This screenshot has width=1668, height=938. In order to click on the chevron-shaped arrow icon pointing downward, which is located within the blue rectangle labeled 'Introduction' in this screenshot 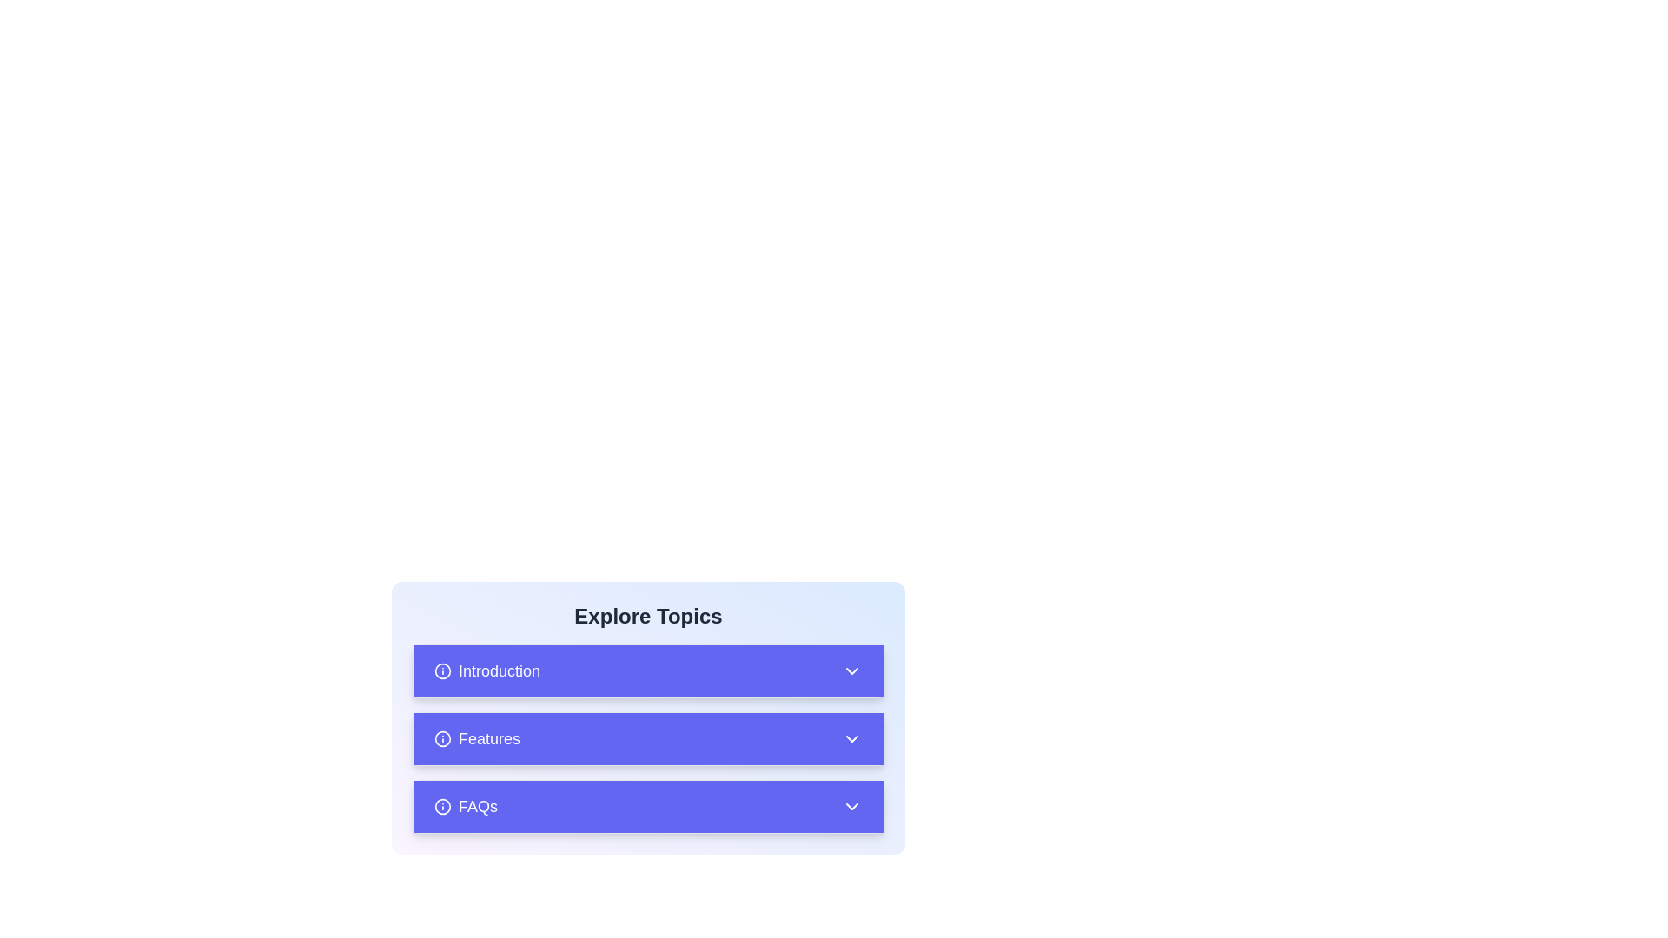, I will do `click(851, 670)`.